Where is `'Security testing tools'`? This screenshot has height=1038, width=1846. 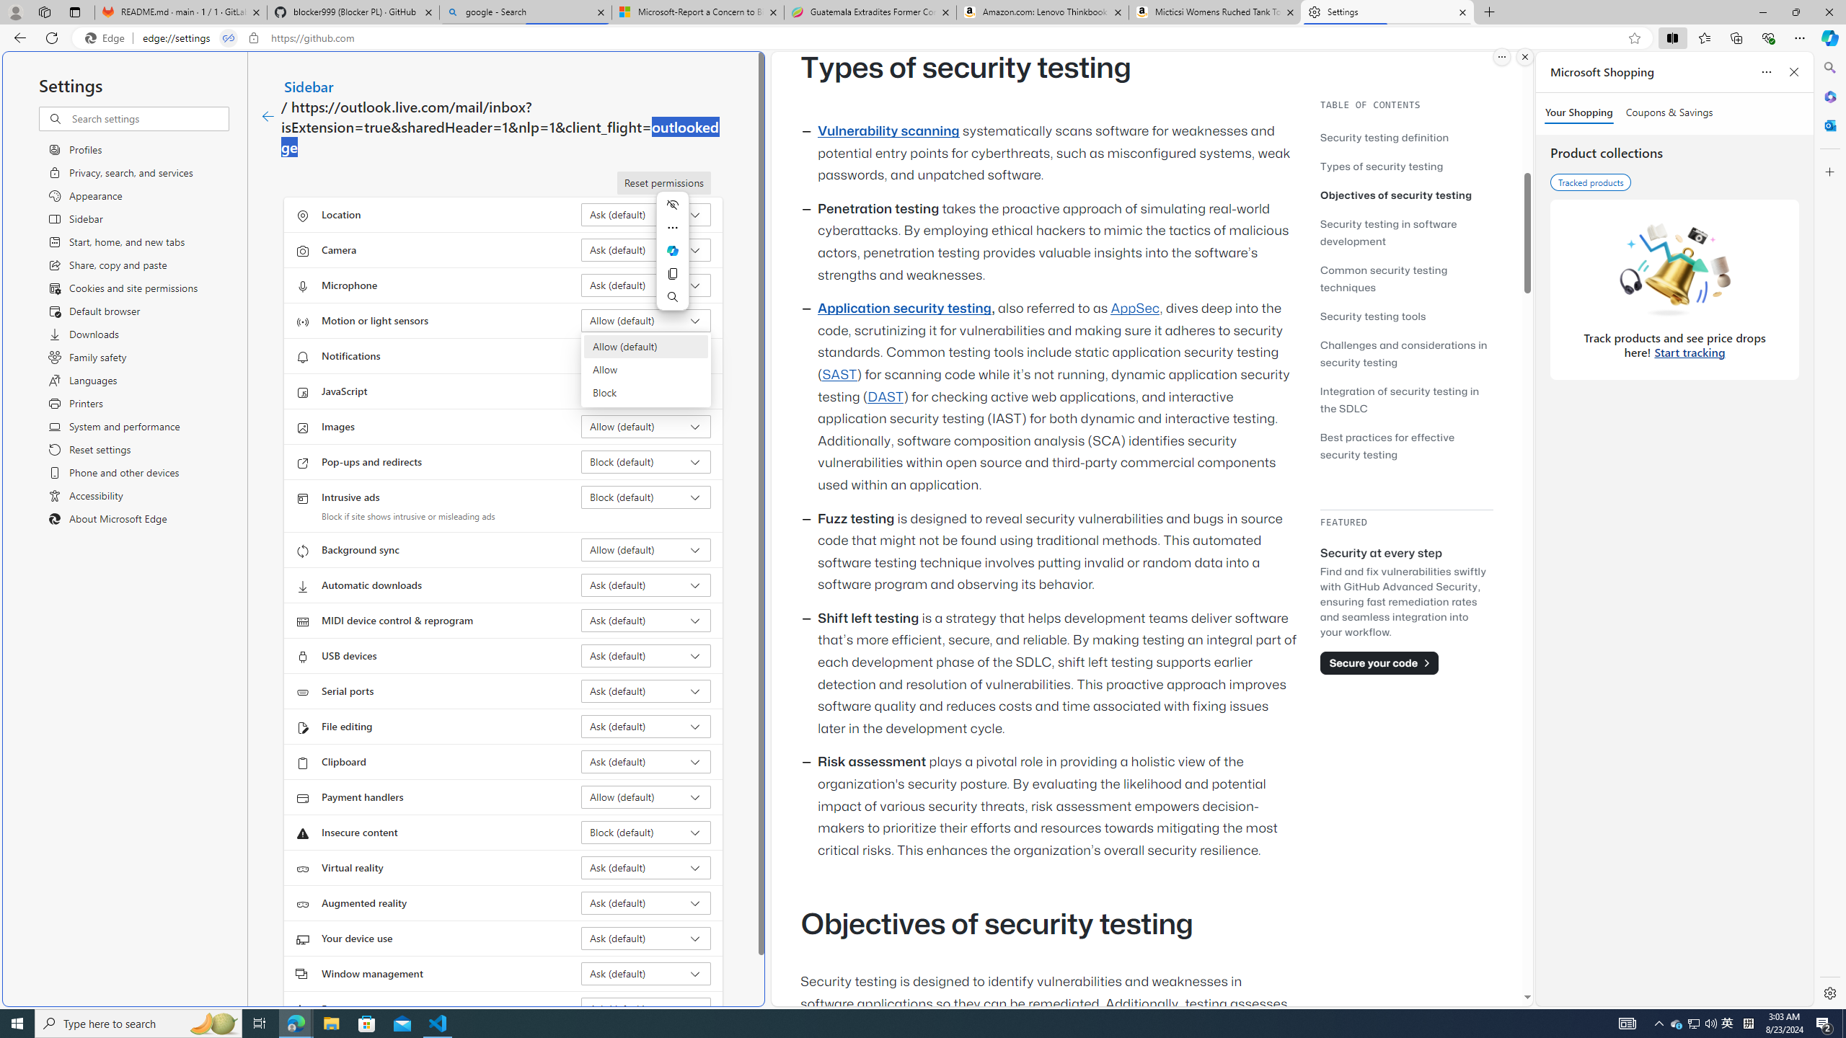 'Security testing tools' is located at coordinates (1372, 315).